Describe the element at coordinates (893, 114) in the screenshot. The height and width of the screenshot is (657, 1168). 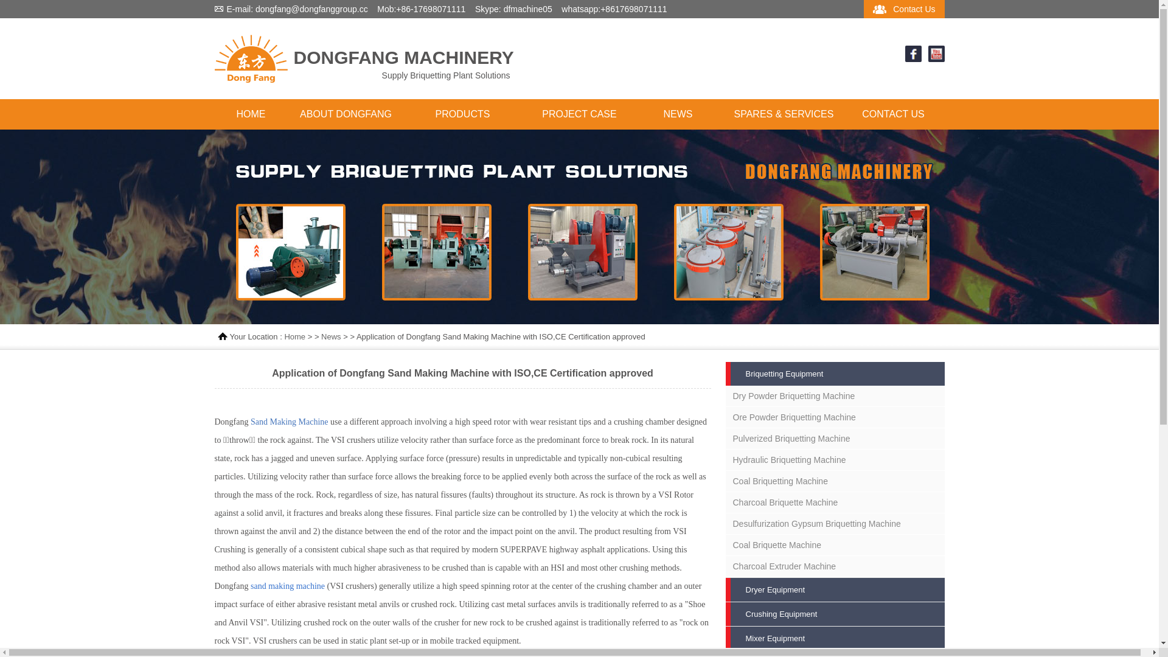
I see `'CONTACT US'` at that location.